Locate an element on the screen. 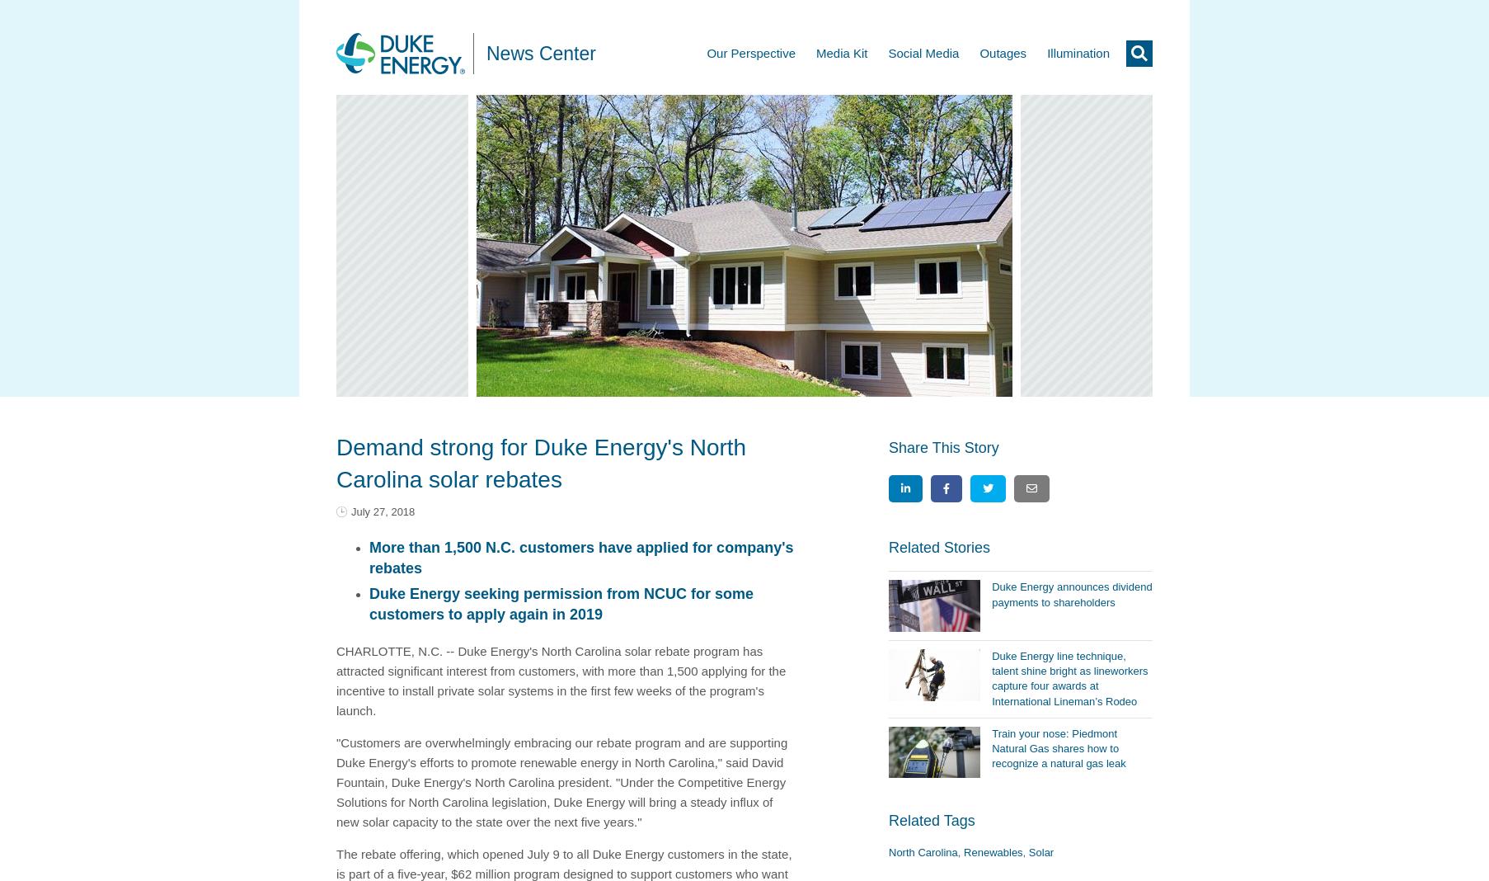  '-- Duke Energy's' is located at coordinates (445, 650).